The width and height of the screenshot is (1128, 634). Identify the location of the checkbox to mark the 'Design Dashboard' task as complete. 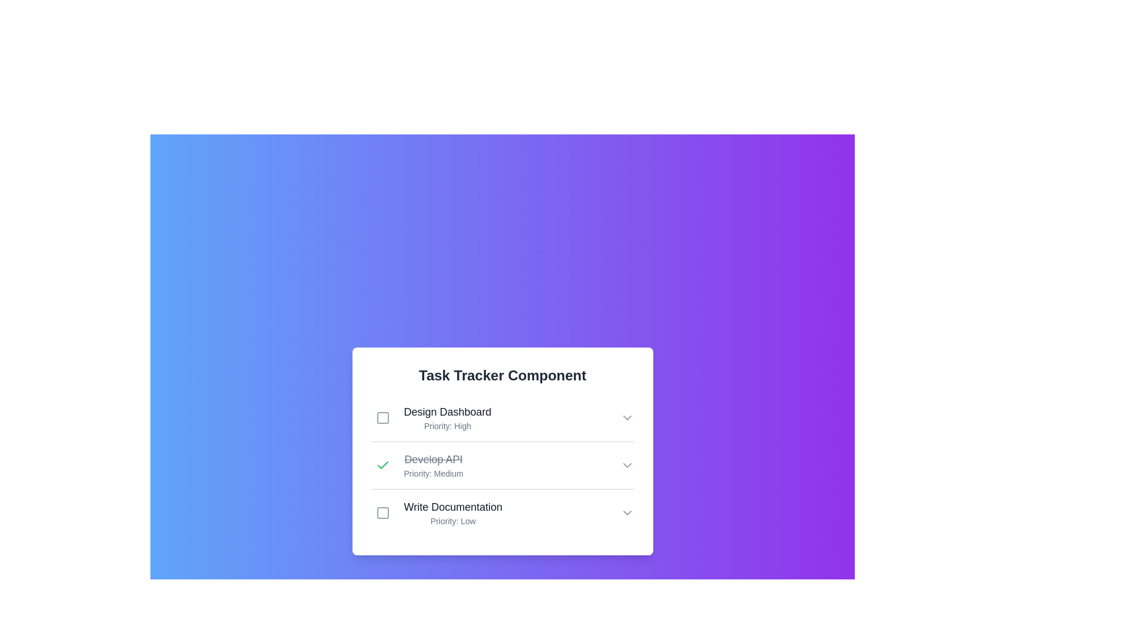
(382, 417).